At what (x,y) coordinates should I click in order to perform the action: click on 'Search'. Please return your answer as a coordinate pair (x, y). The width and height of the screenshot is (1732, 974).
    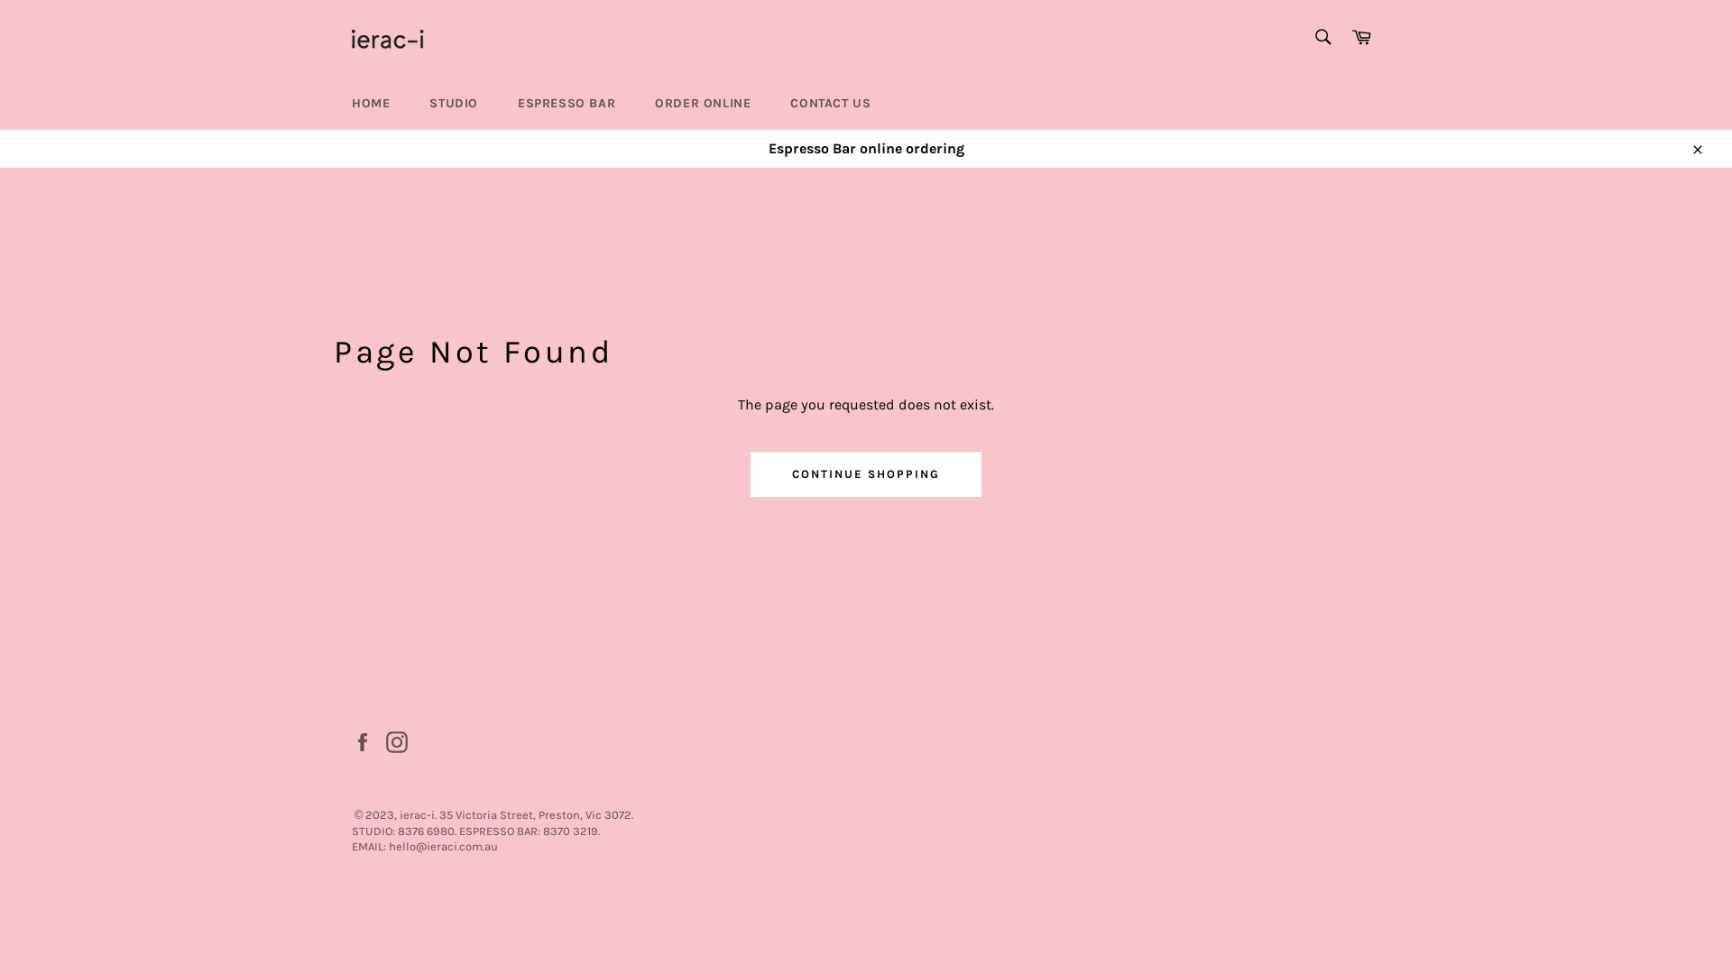
    Looking at the image, I should click on (1322, 37).